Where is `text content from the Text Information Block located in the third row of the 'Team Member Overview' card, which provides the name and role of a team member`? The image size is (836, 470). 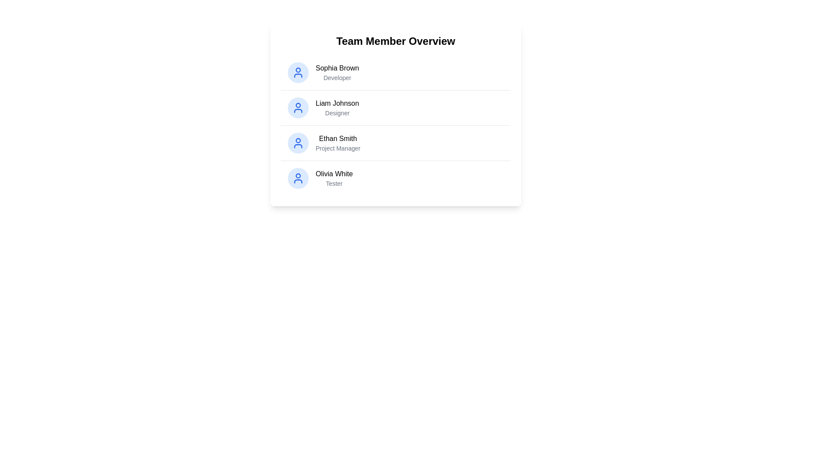 text content from the Text Information Block located in the third row of the 'Team Member Overview' card, which provides the name and role of a team member is located at coordinates (337, 142).